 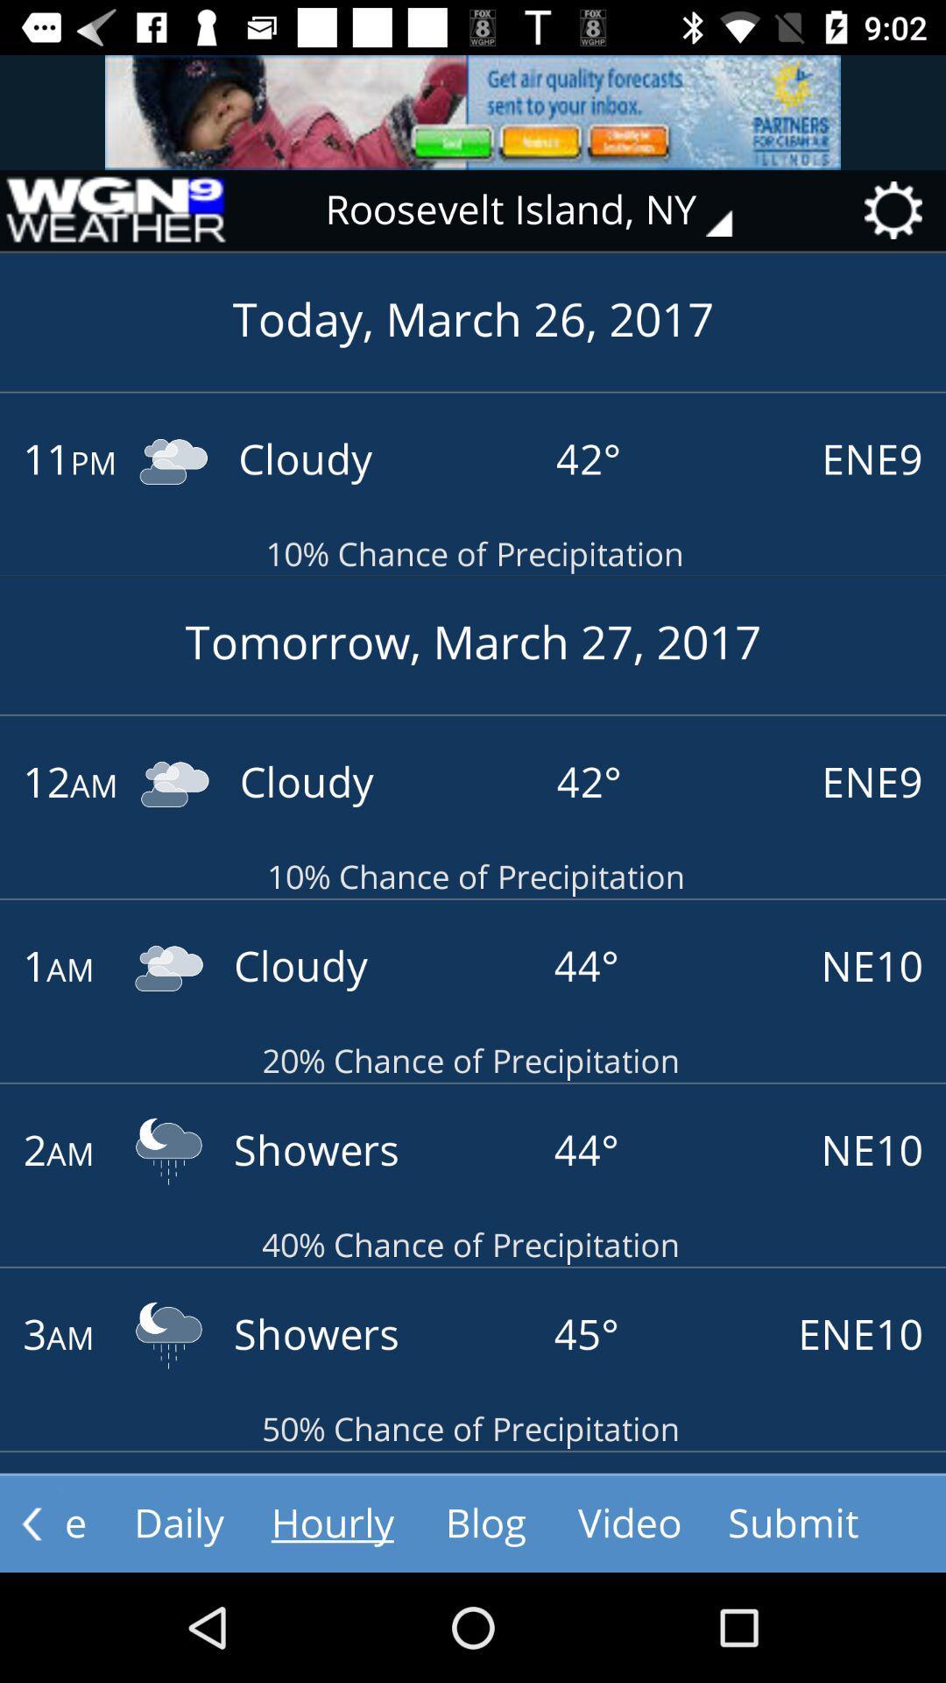 What do you see at coordinates (115, 210) in the screenshot?
I see `home page` at bounding box center [115, 210].